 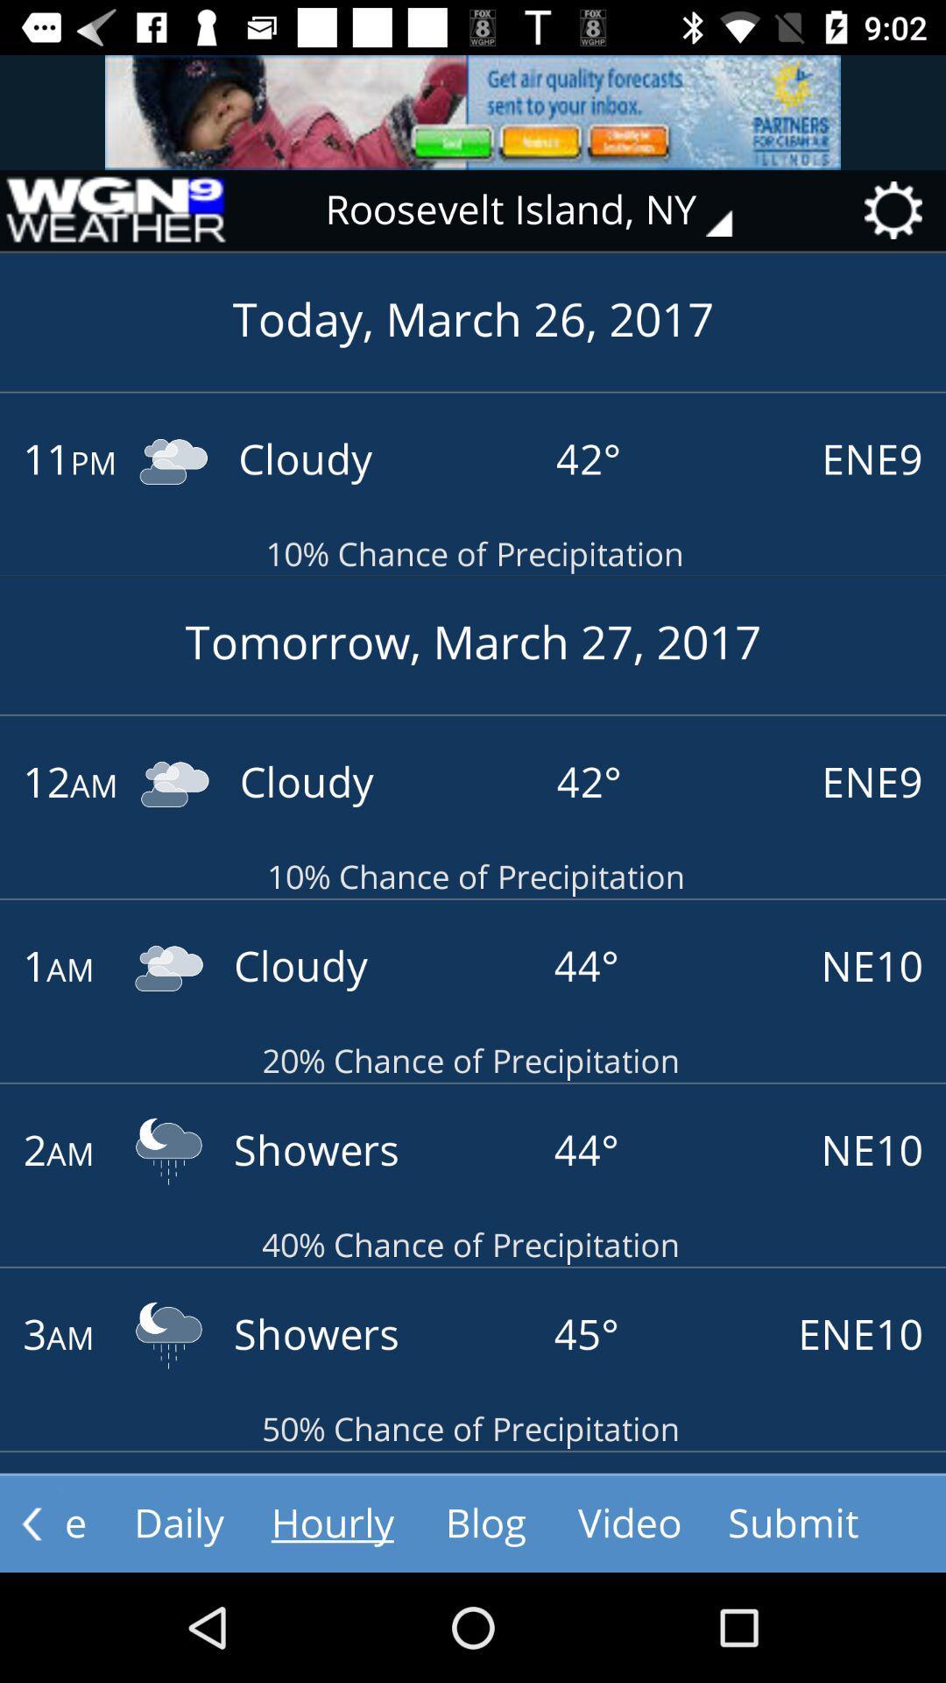 What do you see at coordinates (115, 210) in the screenshot?
I see `home page` at bounding box center [115, 210].